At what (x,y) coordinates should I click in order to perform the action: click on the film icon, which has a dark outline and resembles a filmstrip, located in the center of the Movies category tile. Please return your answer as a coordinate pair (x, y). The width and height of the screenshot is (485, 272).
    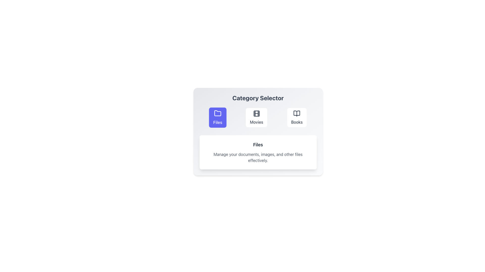
    Looking at the image, I should click on (256, 114).